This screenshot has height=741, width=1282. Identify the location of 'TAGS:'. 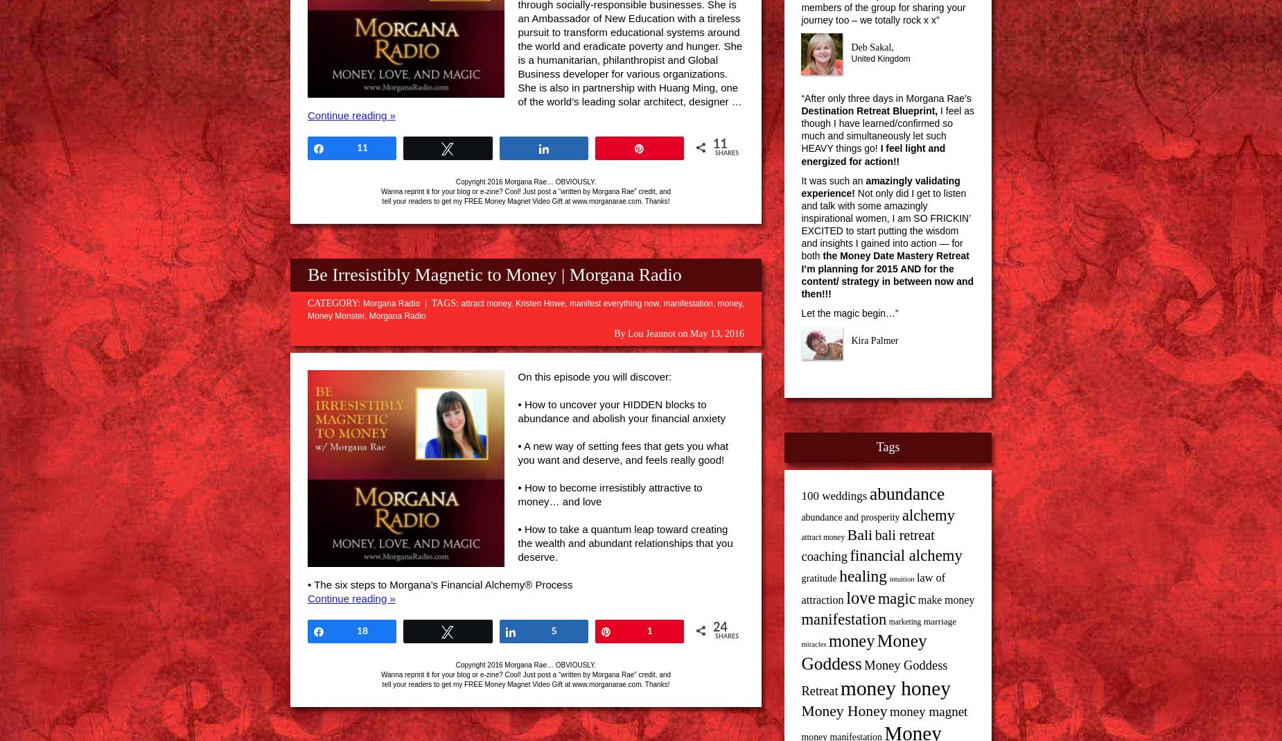
(430, 302).